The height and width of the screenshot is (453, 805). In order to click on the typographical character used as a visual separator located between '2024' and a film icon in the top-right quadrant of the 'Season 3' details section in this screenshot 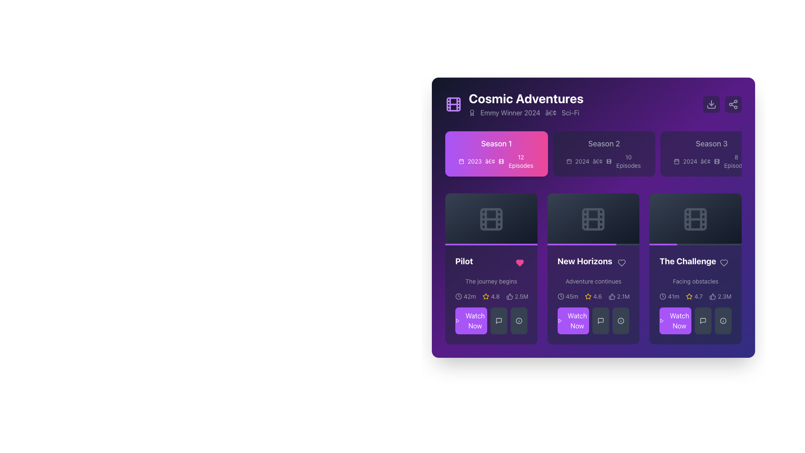, I will do `click(705, 161)`.